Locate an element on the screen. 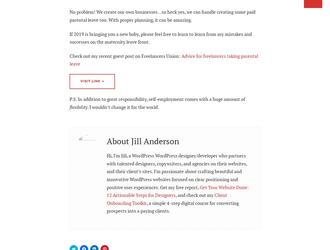 Image resolution: width=330 pixels, height=250 pixels. 'Get Your Website Done: 12 Actionable Steps for Designers' is located at coordinates (178, 191).